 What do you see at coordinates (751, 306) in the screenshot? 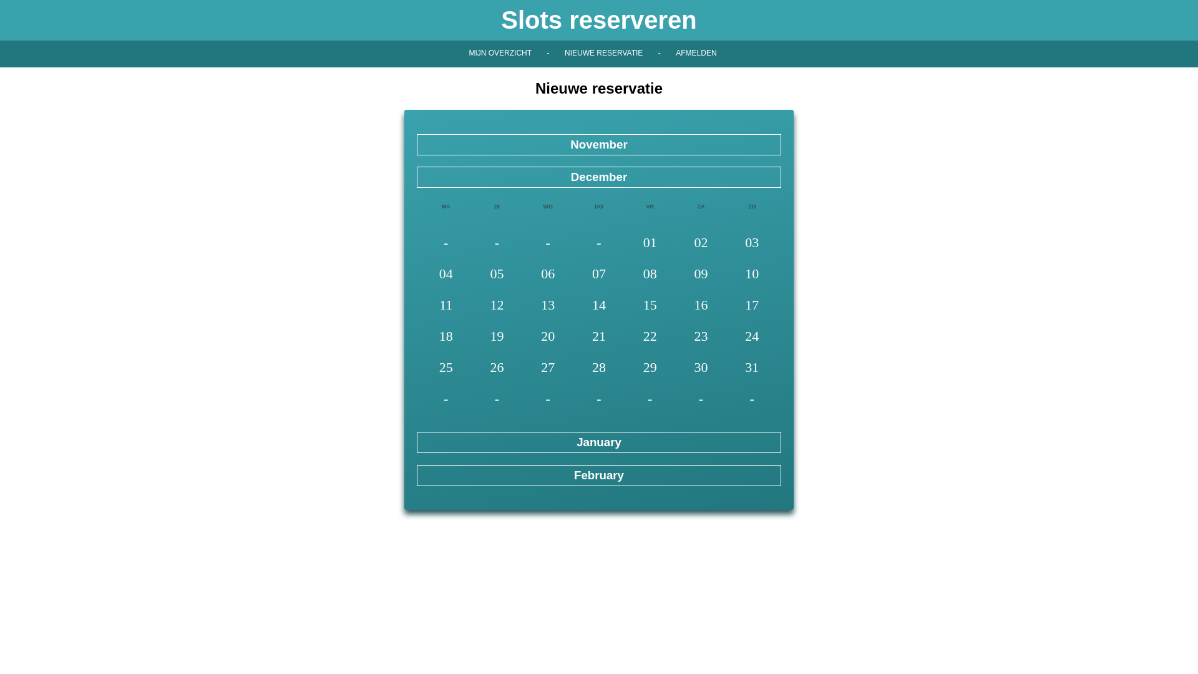
I see `'17'` at bounding box center [751, 306].